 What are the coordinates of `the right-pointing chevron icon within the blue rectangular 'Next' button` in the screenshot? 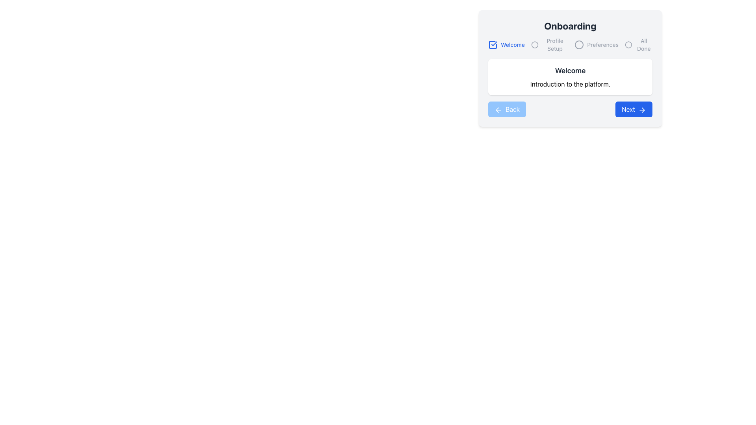 It's located at (643, 110).